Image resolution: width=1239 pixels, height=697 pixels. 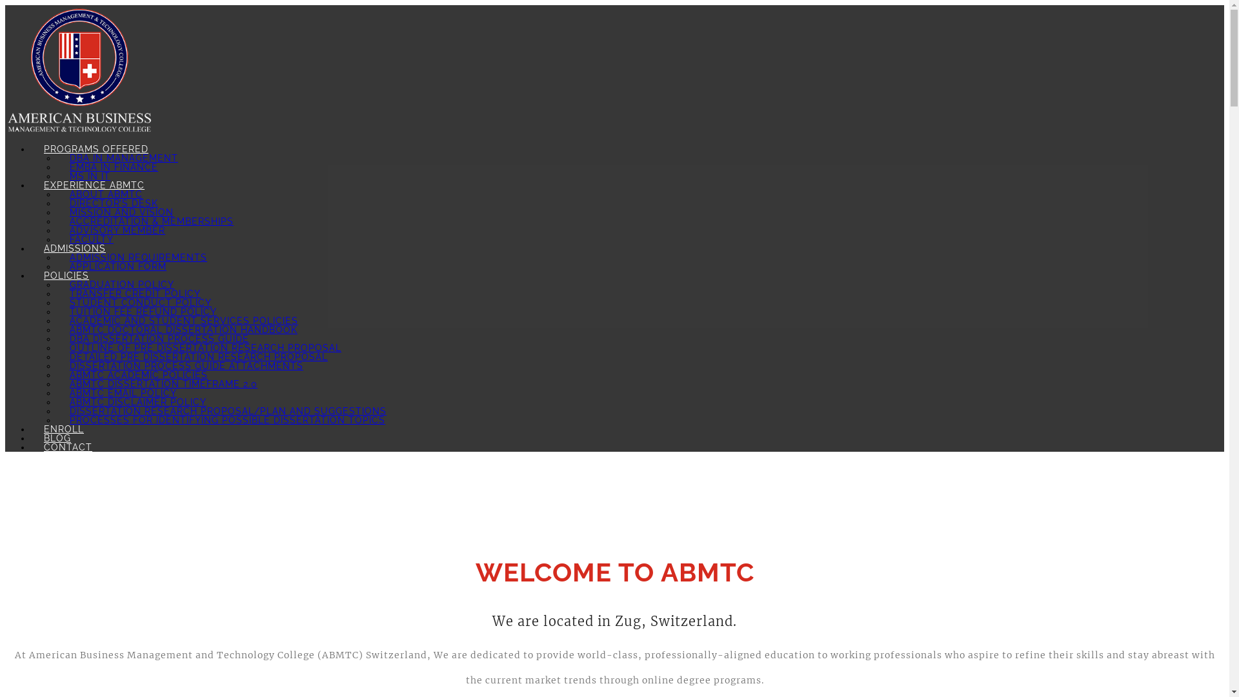 What do you see at coordinates (114, 166) in the screenshot?
I see `'EMBA IN FINANCE'` at bounding box center [114, 166].